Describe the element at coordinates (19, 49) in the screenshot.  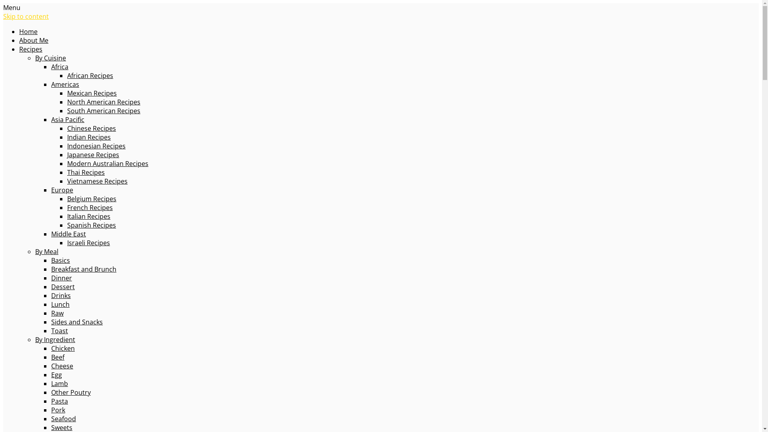
I see `'Recipes'` at that location.